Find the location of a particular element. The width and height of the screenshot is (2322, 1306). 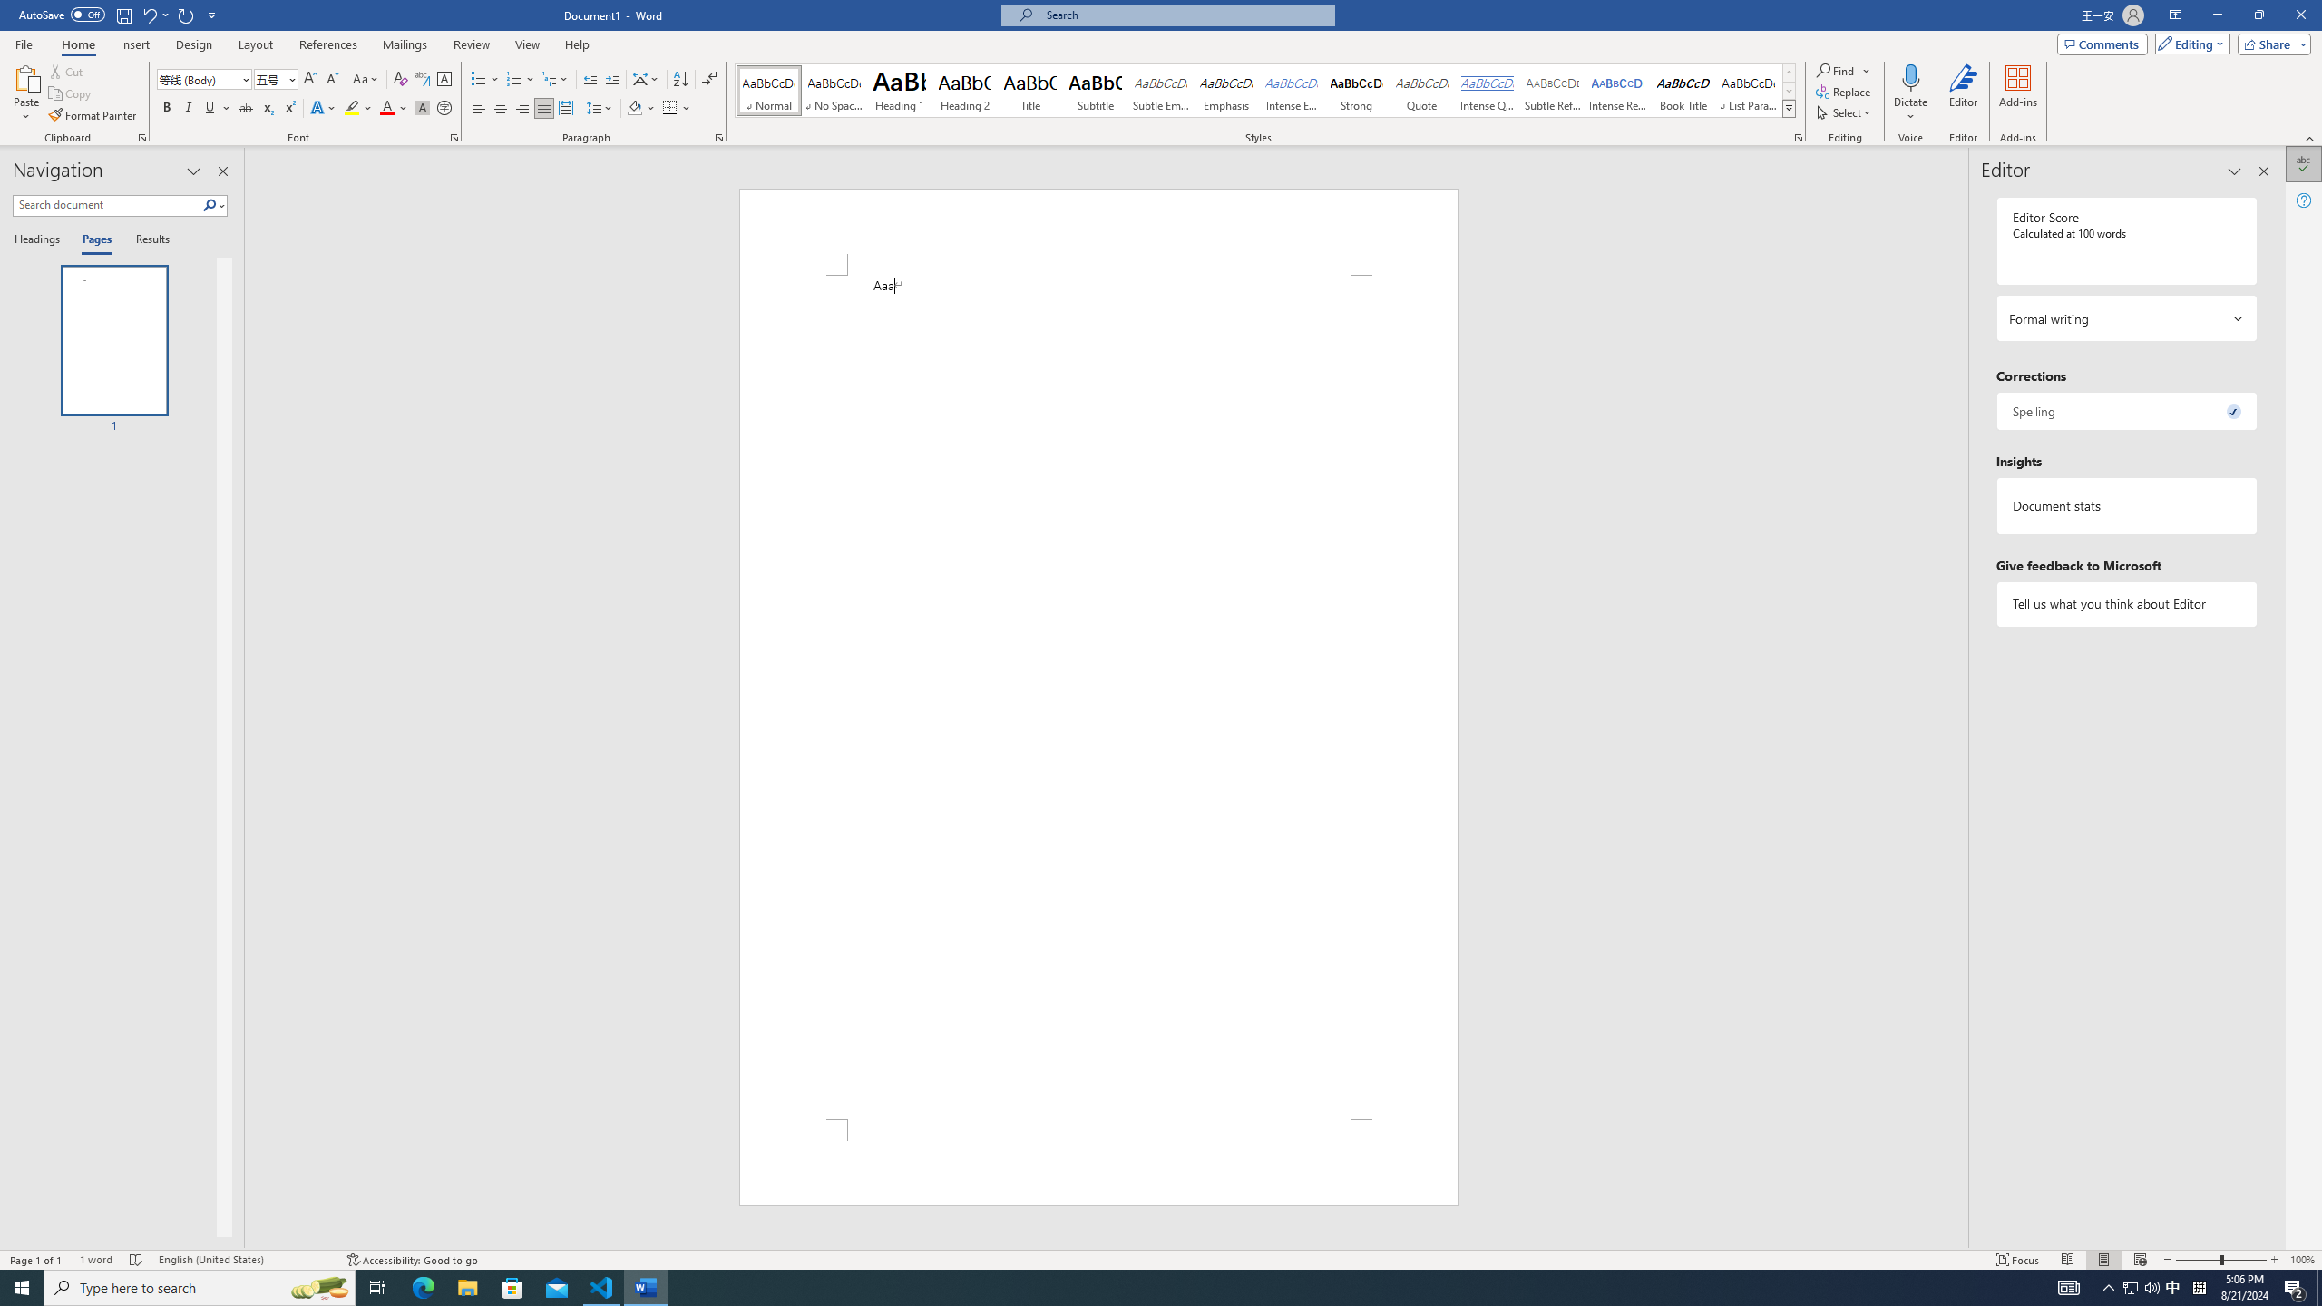

'Paragraph...' is located at coordinates (718, 136).